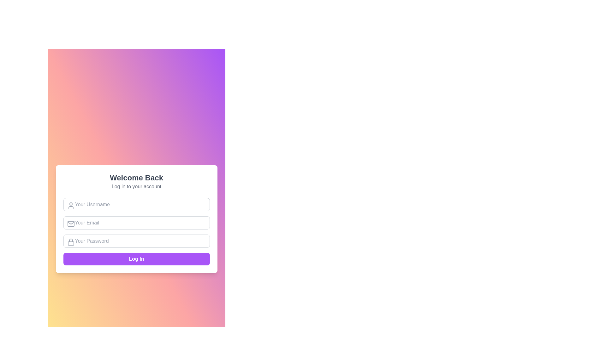  Describe the element at coordinates (71, 205) in the screenshot. I see `the username icon located at the left edge of the input field, which serves as a visual identifier for entering a username` at that location.